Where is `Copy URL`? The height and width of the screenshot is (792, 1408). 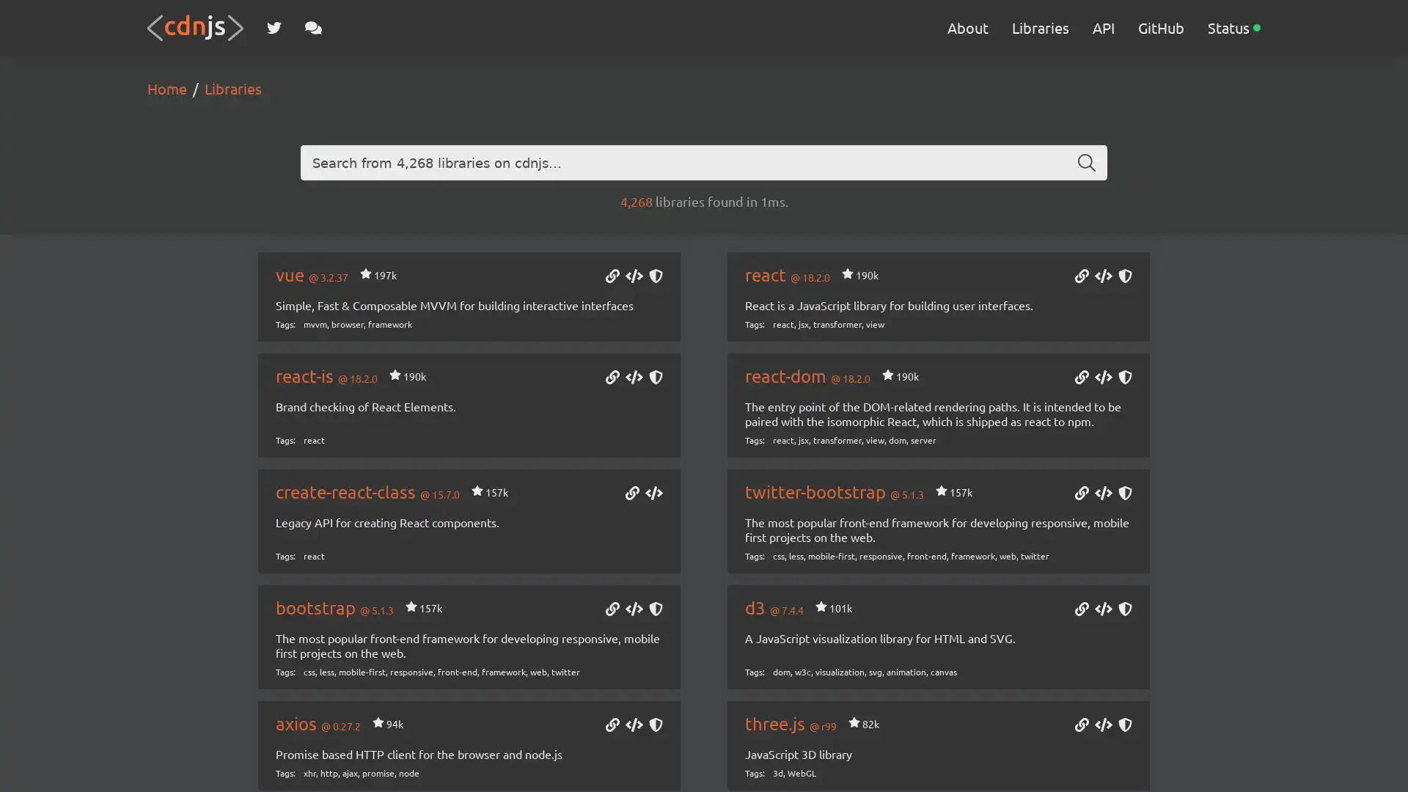
Copy URL is located at coordinates (612, 277).